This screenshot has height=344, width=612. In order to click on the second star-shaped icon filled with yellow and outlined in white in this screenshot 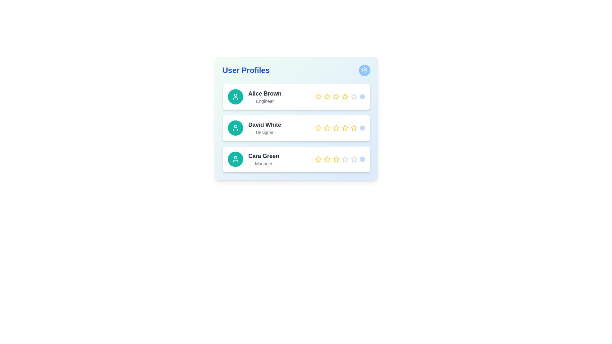, I will do `click(318, 128)`.